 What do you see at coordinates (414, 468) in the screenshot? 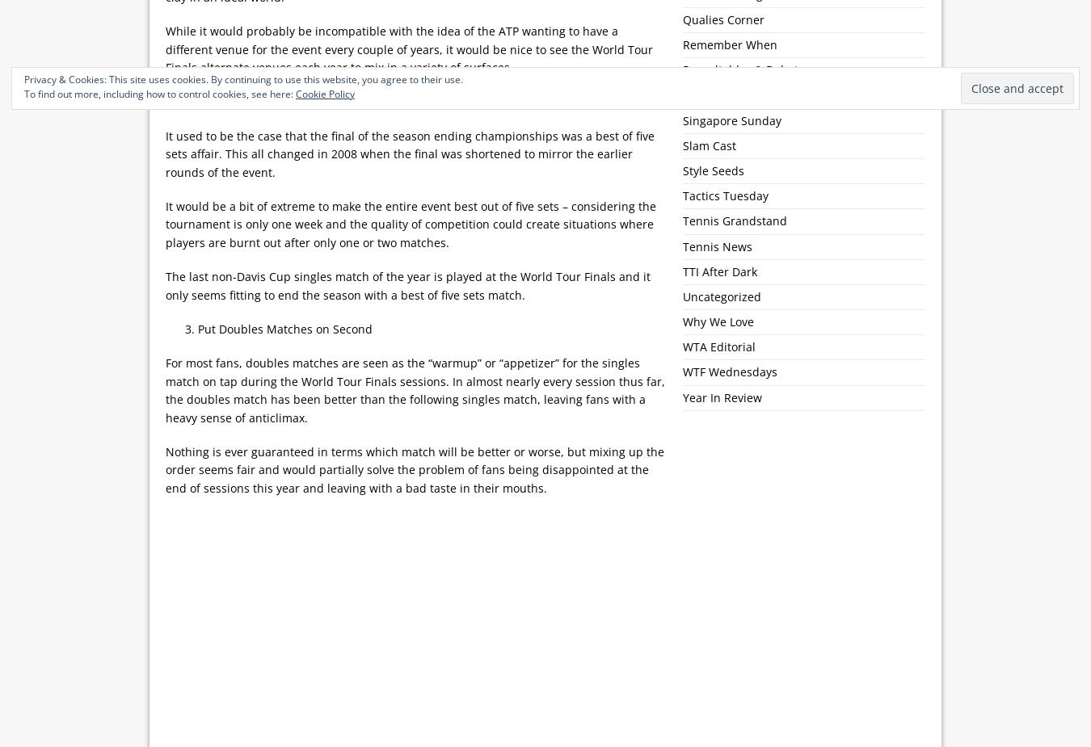
I see `'Nothing is ever guaranteed in terms which match will be better or worse, but mixing up the order seems fair and would partially solve the problem of fans being disappointed at the end of sessions this year and leaving with a bad taste in their mouths.'` at bounding box center [414, 468].